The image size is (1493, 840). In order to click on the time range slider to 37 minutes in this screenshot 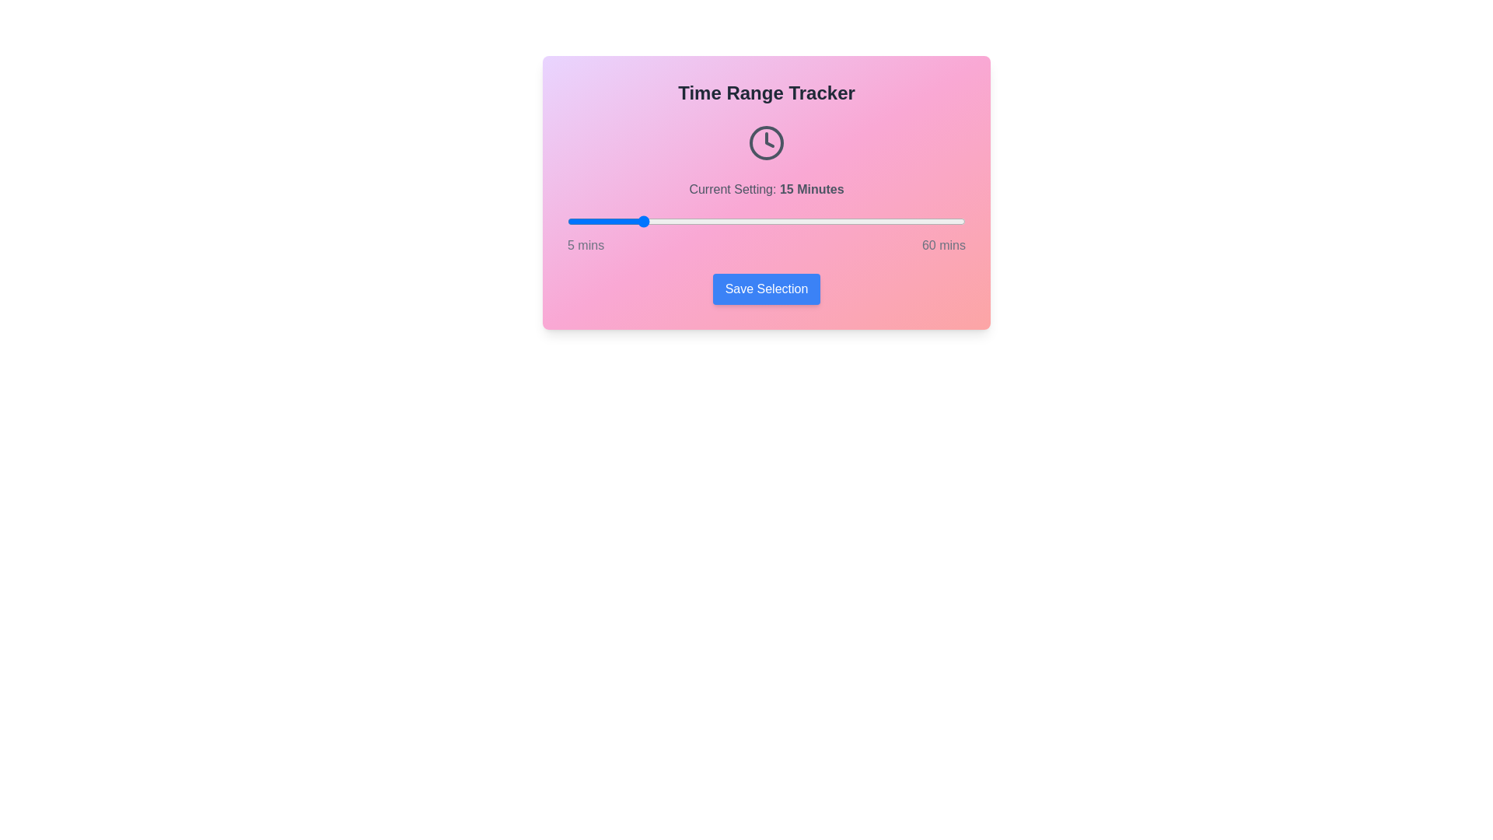, I will do `click(799, 222)`.